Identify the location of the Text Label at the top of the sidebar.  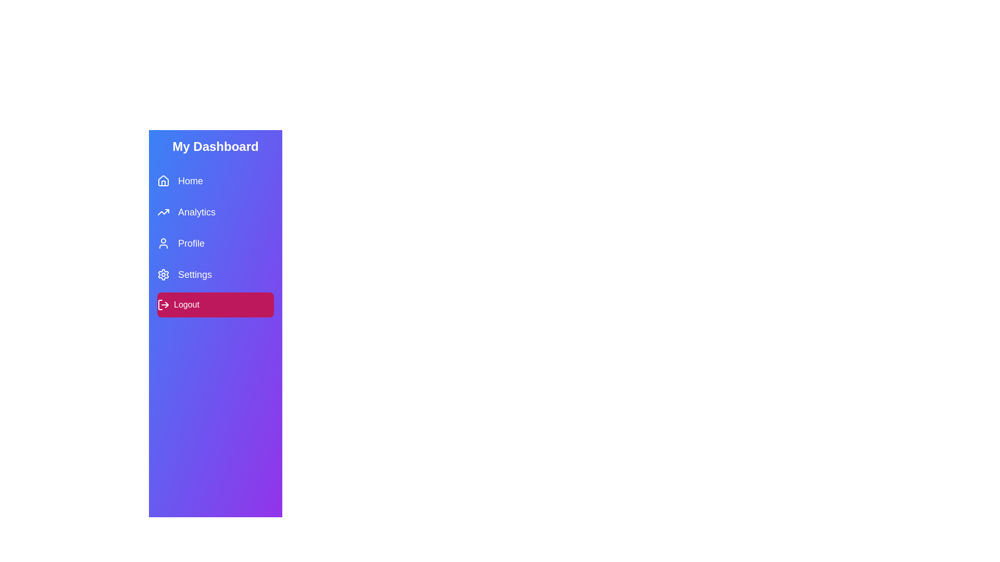
(215, 146).